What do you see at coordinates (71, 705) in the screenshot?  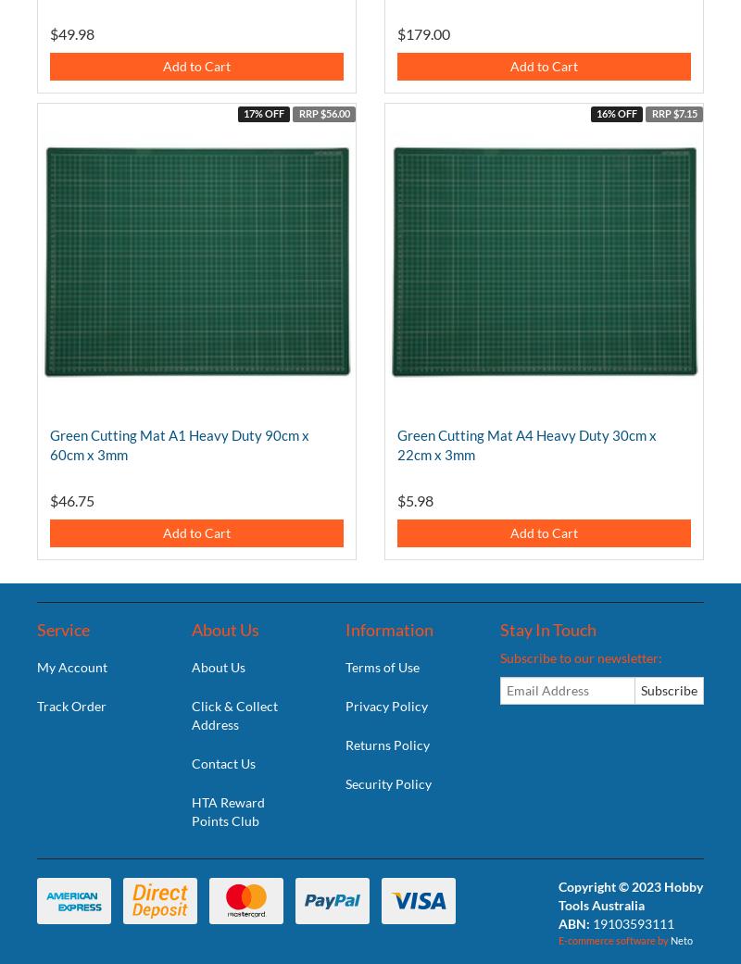 I see `'Track Order'` at bounding box center [71, 705].